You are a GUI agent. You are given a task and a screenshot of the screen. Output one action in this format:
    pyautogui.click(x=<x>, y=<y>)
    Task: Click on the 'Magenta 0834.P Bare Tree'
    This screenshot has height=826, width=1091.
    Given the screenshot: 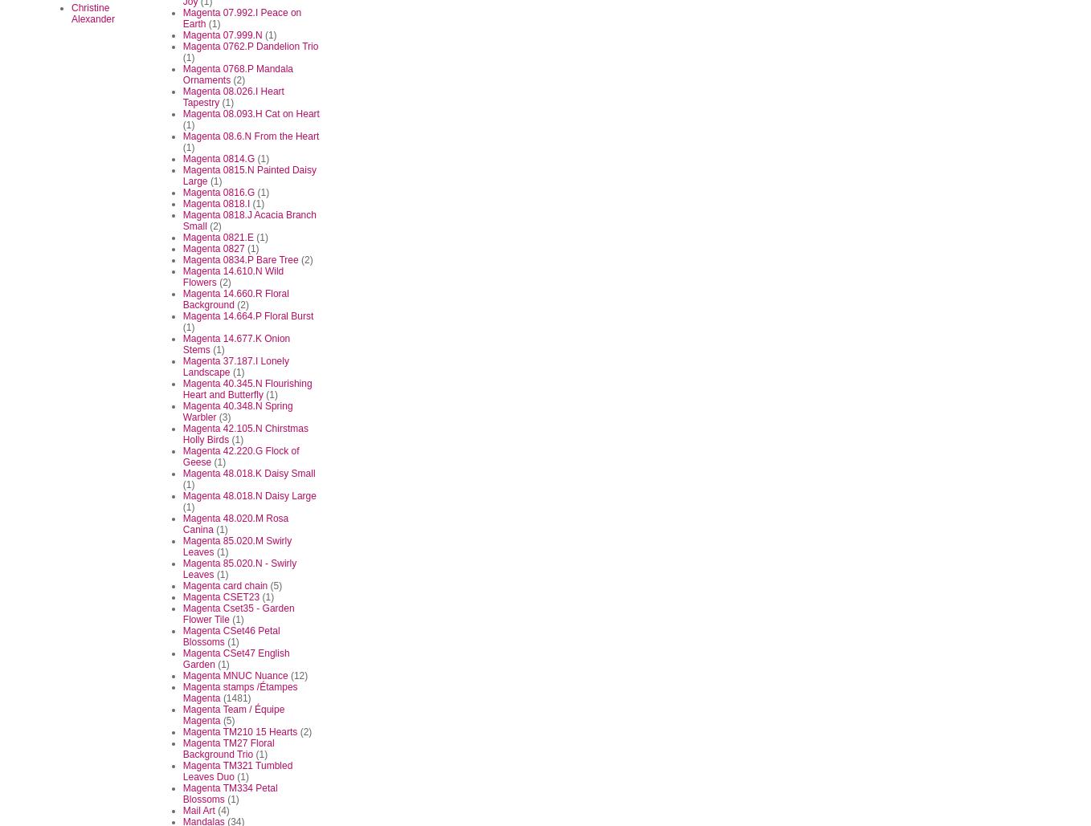 What is the action you would take?
    pyautogui.click(x=239, y=259)
    